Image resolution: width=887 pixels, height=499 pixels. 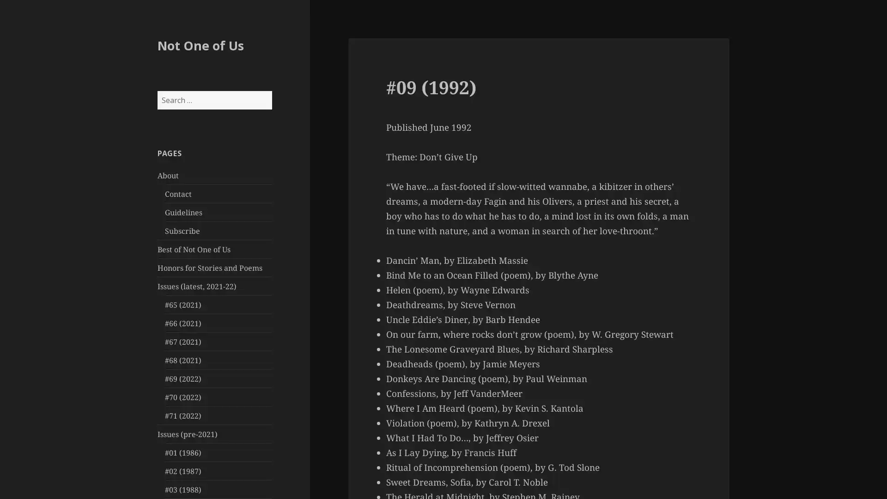 I want to click on Search, so click(x=271, y=91).